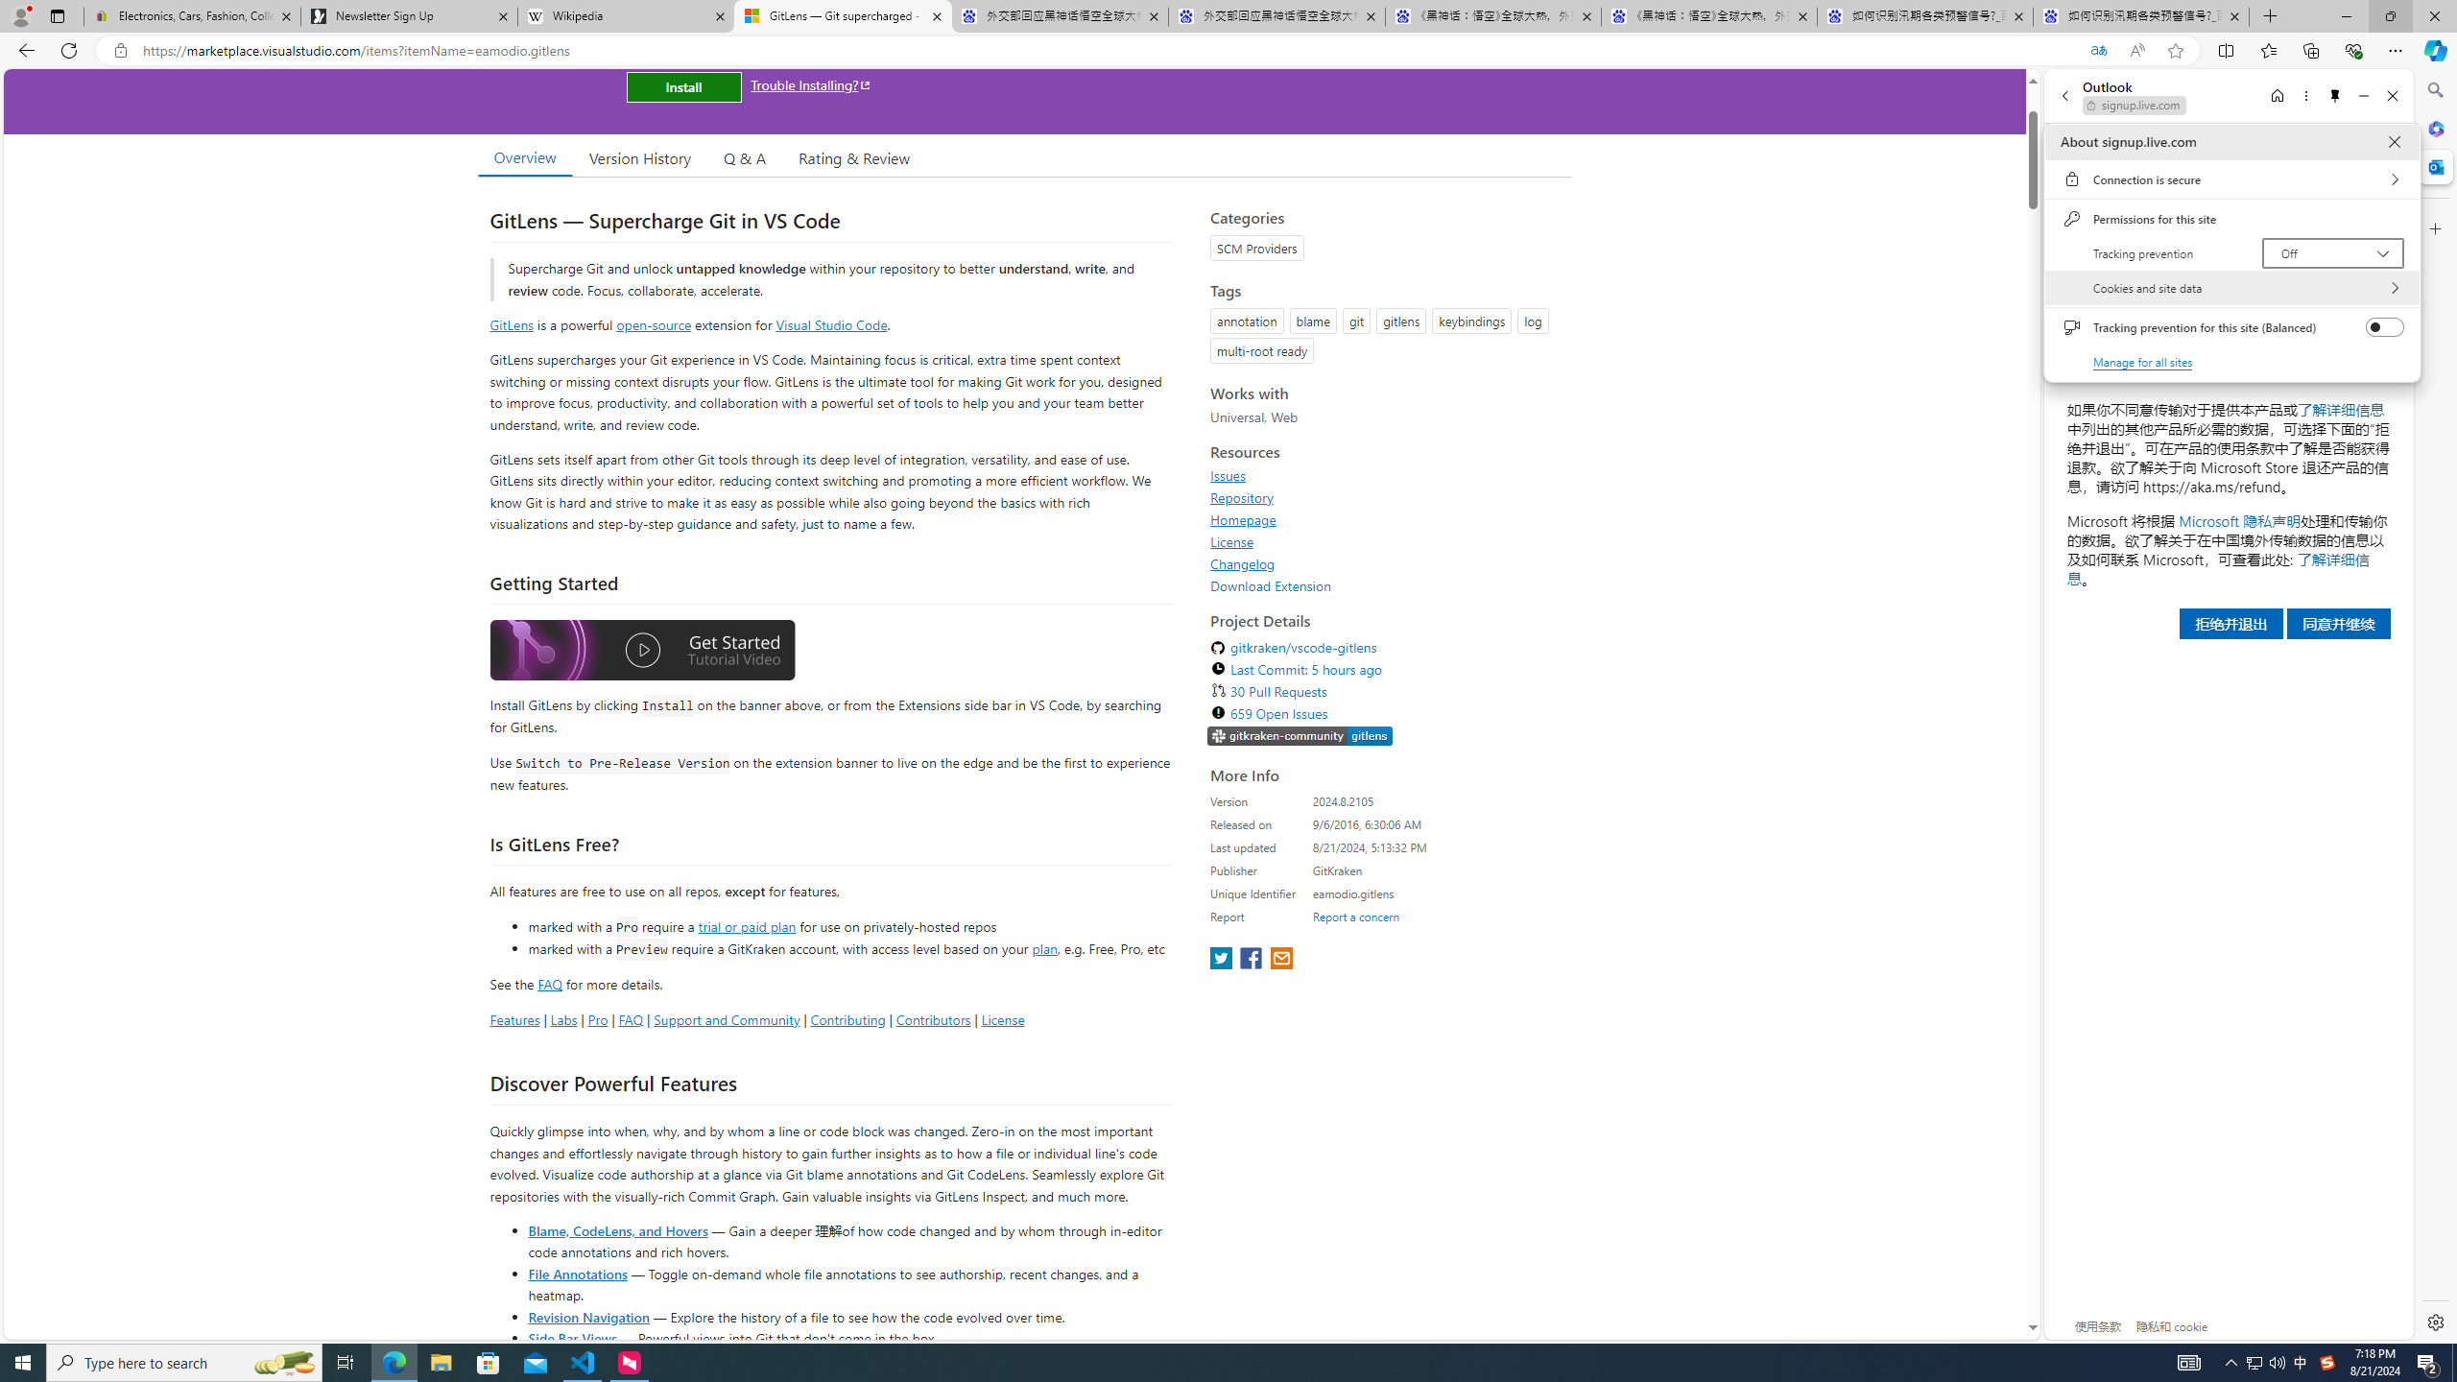 The height and width of the screenshot is (1382, 2457). Describe the element at coordinates (2230, 178) in the screenshot. I see `'Connection is secure'` at that location.